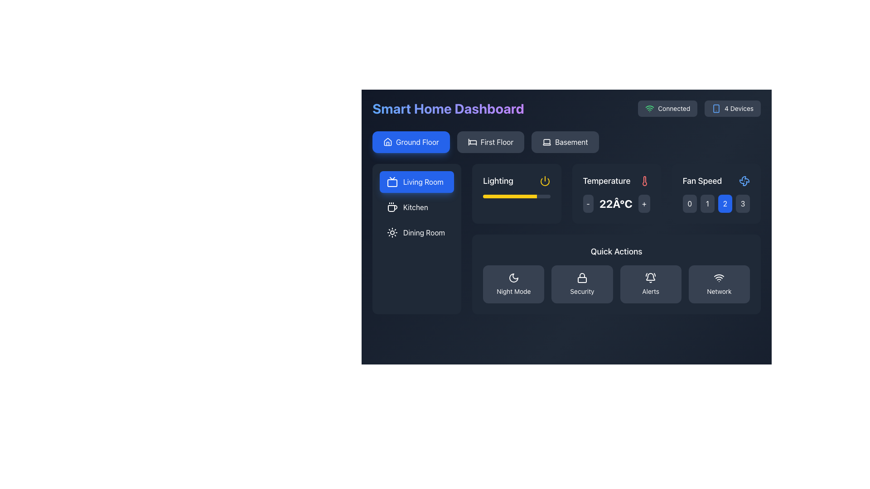  Describe the element at coordinates (490, 142) in the screenshot. I see `the 'First Floor' button` at that location.